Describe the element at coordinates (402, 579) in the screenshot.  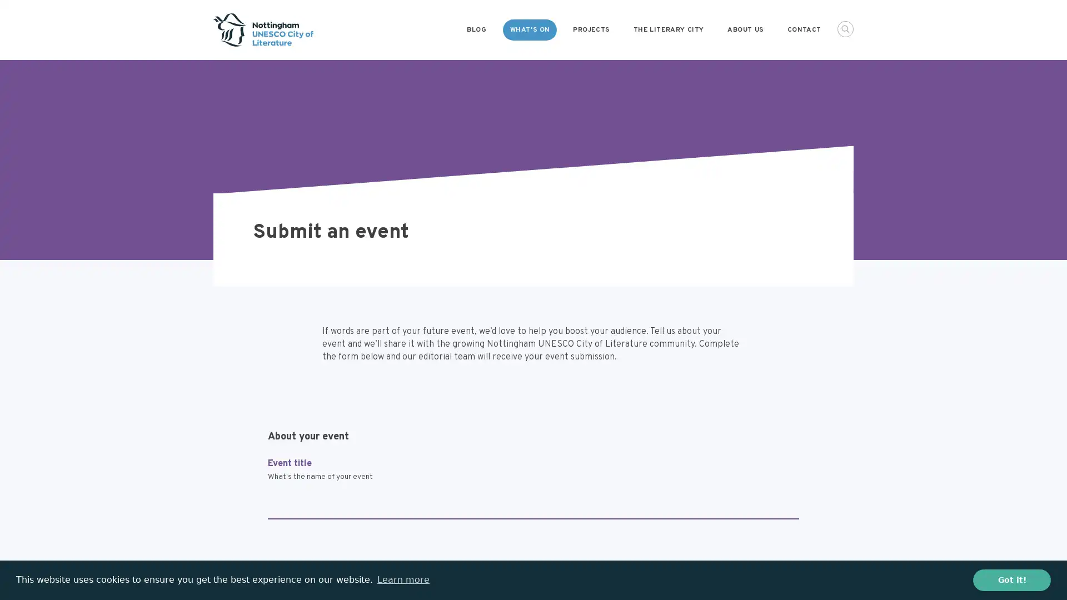
I see `learn more about cookies` at that location.